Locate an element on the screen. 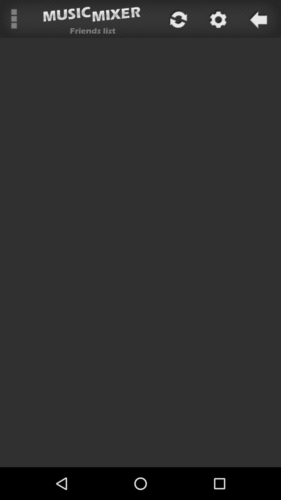 Image resolution: width=281 pixels, height=500 pixels. go back is located at coordinates (257, 19).